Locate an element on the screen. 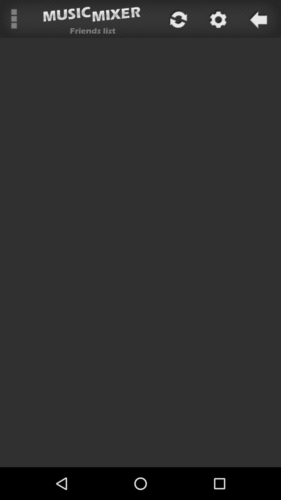 Image resolution: width=281 pixels, height=500 pixels. go back is located at coordinates (257, 19).